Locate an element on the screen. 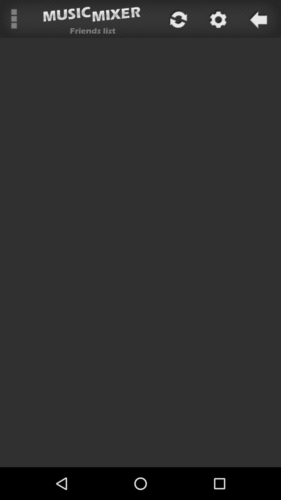 Image resolution: width=281 pixels, height=500 pixels. go back is located at coordinates (257, 19).